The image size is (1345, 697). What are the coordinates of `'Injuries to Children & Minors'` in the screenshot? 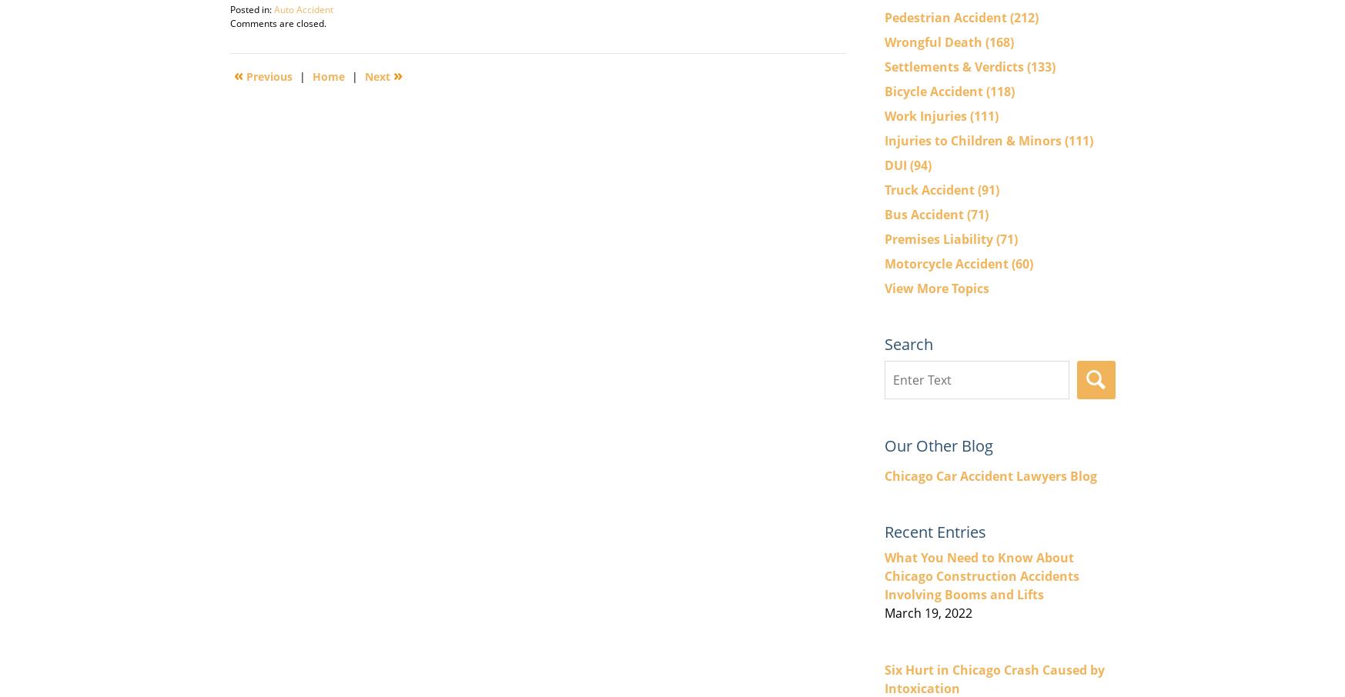 It's located at (882, 139).